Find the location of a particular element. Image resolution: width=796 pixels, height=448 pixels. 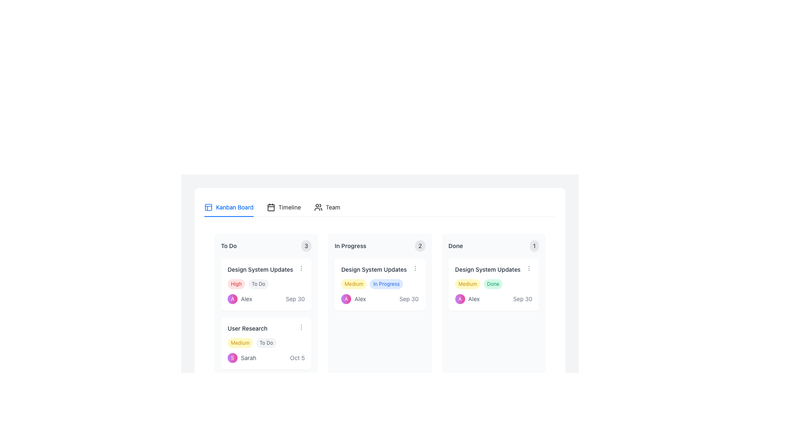

the circular avatar or badge representing the user with the initial 'S.' located in the 'User Research' card in the 'To Do' section, positioned to the left of the name 'Sarah.' is located at coordinates (232, 358).